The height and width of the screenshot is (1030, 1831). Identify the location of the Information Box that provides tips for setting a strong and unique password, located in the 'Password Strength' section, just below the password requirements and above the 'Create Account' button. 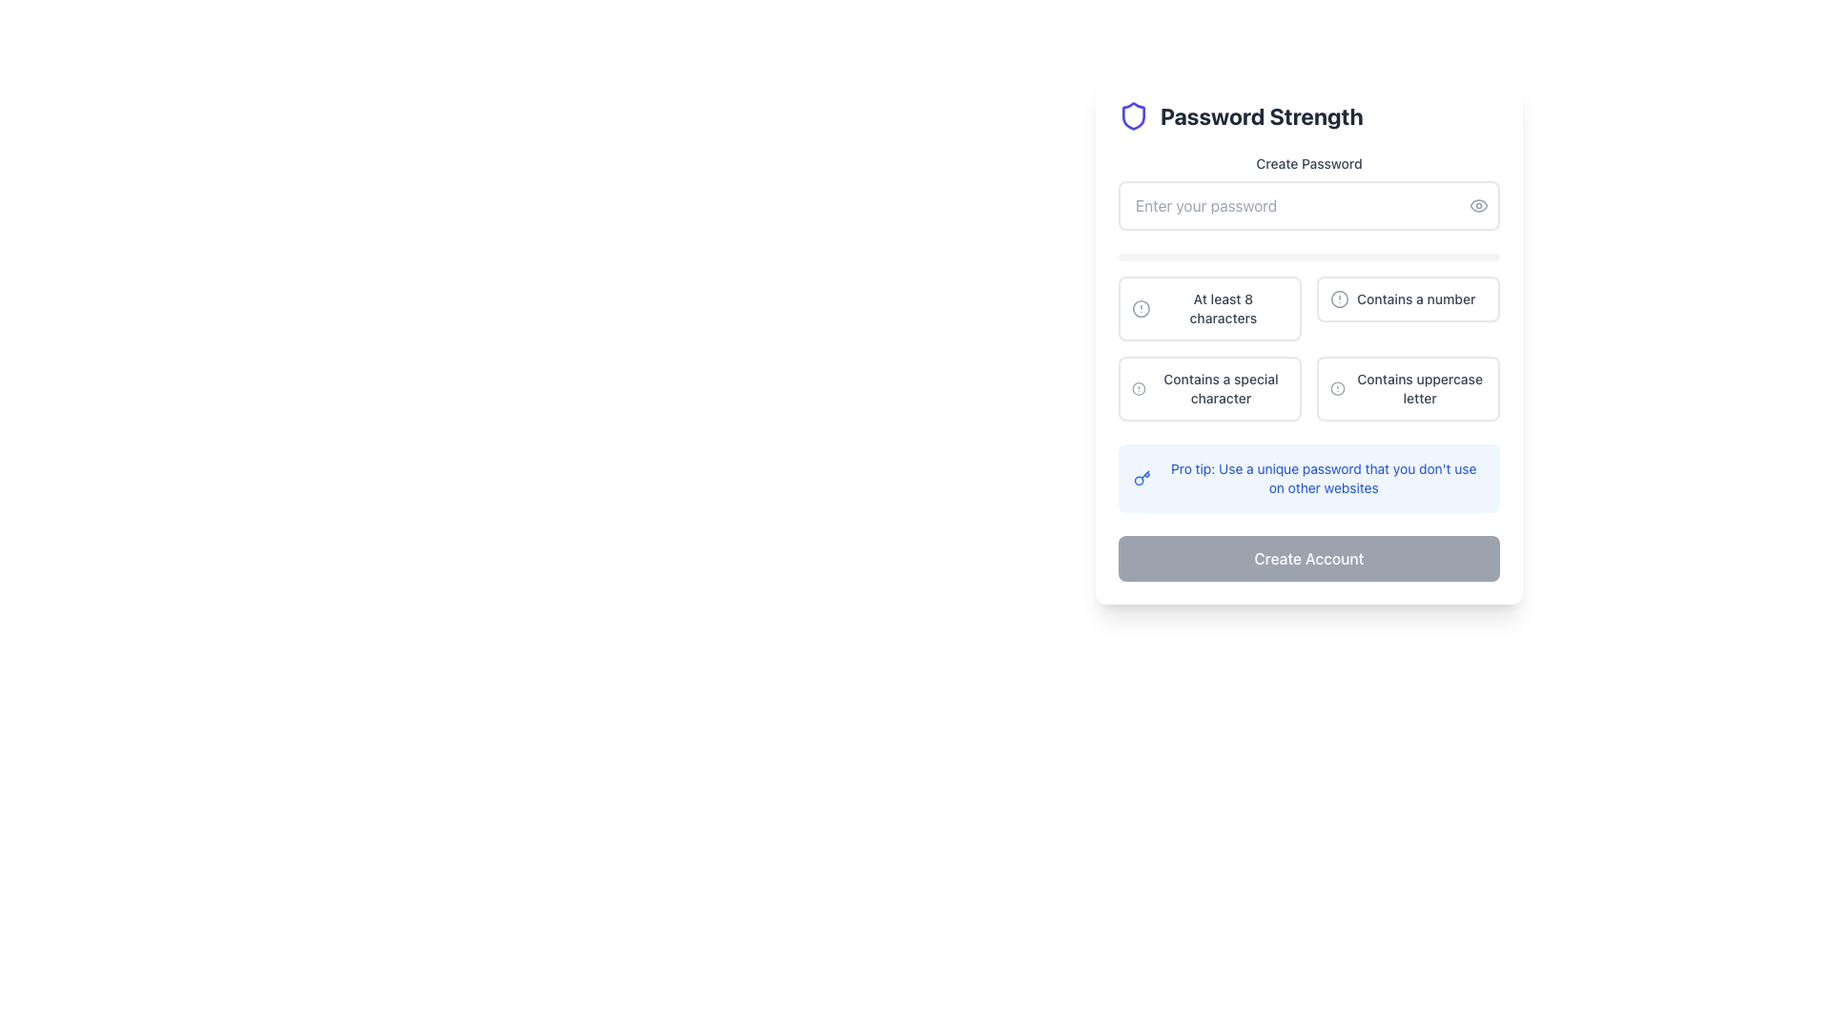
(1307, 477).